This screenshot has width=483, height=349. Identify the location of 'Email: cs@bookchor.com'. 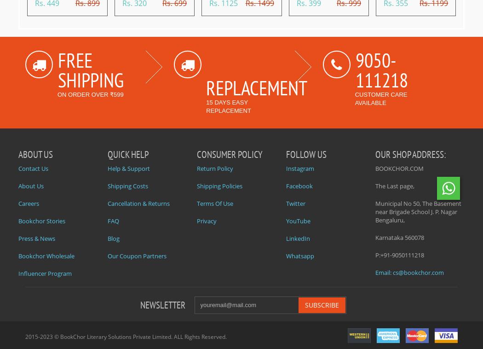
(409, 272).